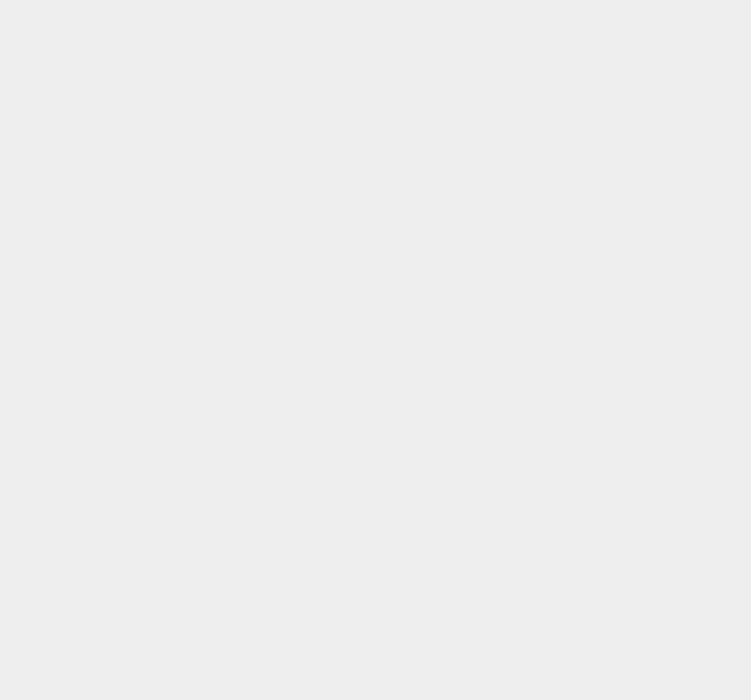 This screenshot has width=751, height=700. What do you see at coordinates (530, 377) in the screenshot?
I see `'macOS 12'` at bounding box center [530, 377].